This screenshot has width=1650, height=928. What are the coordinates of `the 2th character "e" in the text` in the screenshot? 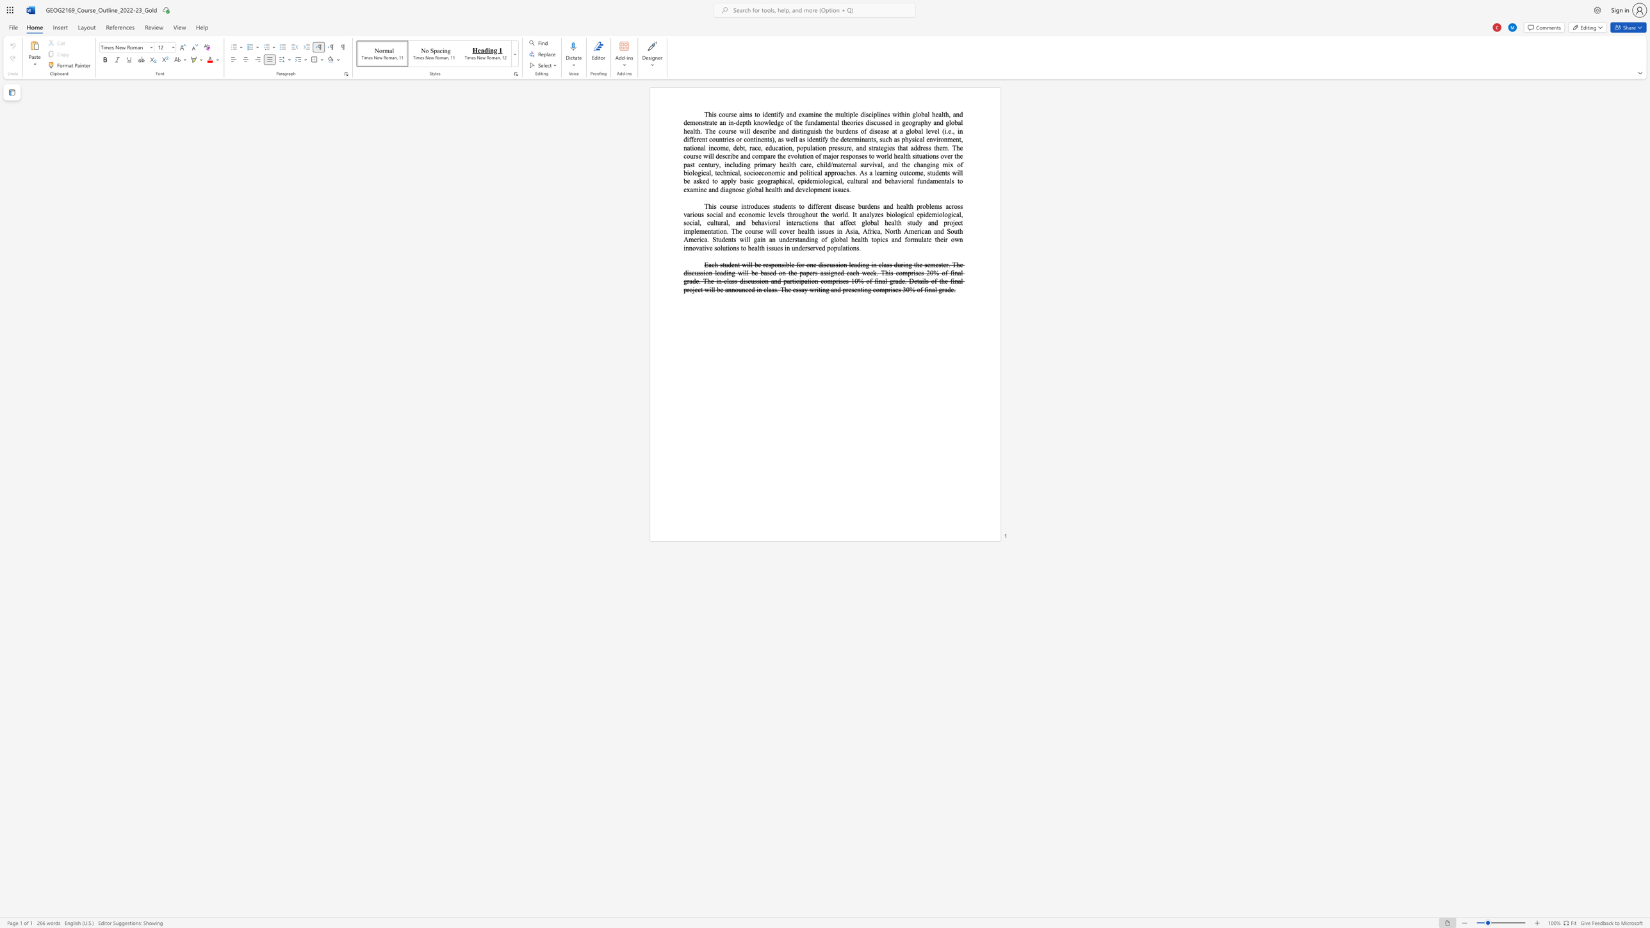 It's located at (769, 114).